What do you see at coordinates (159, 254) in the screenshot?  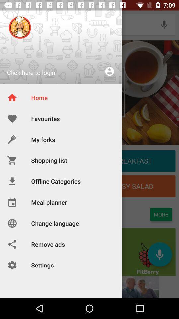 I see `the microphone icon` at bounding box center [159, 254].